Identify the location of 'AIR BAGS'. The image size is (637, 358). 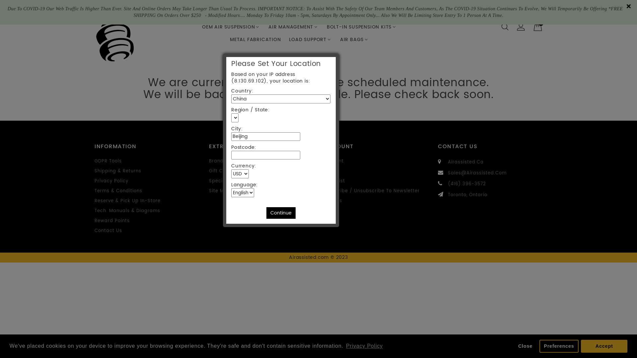
(354, 39).